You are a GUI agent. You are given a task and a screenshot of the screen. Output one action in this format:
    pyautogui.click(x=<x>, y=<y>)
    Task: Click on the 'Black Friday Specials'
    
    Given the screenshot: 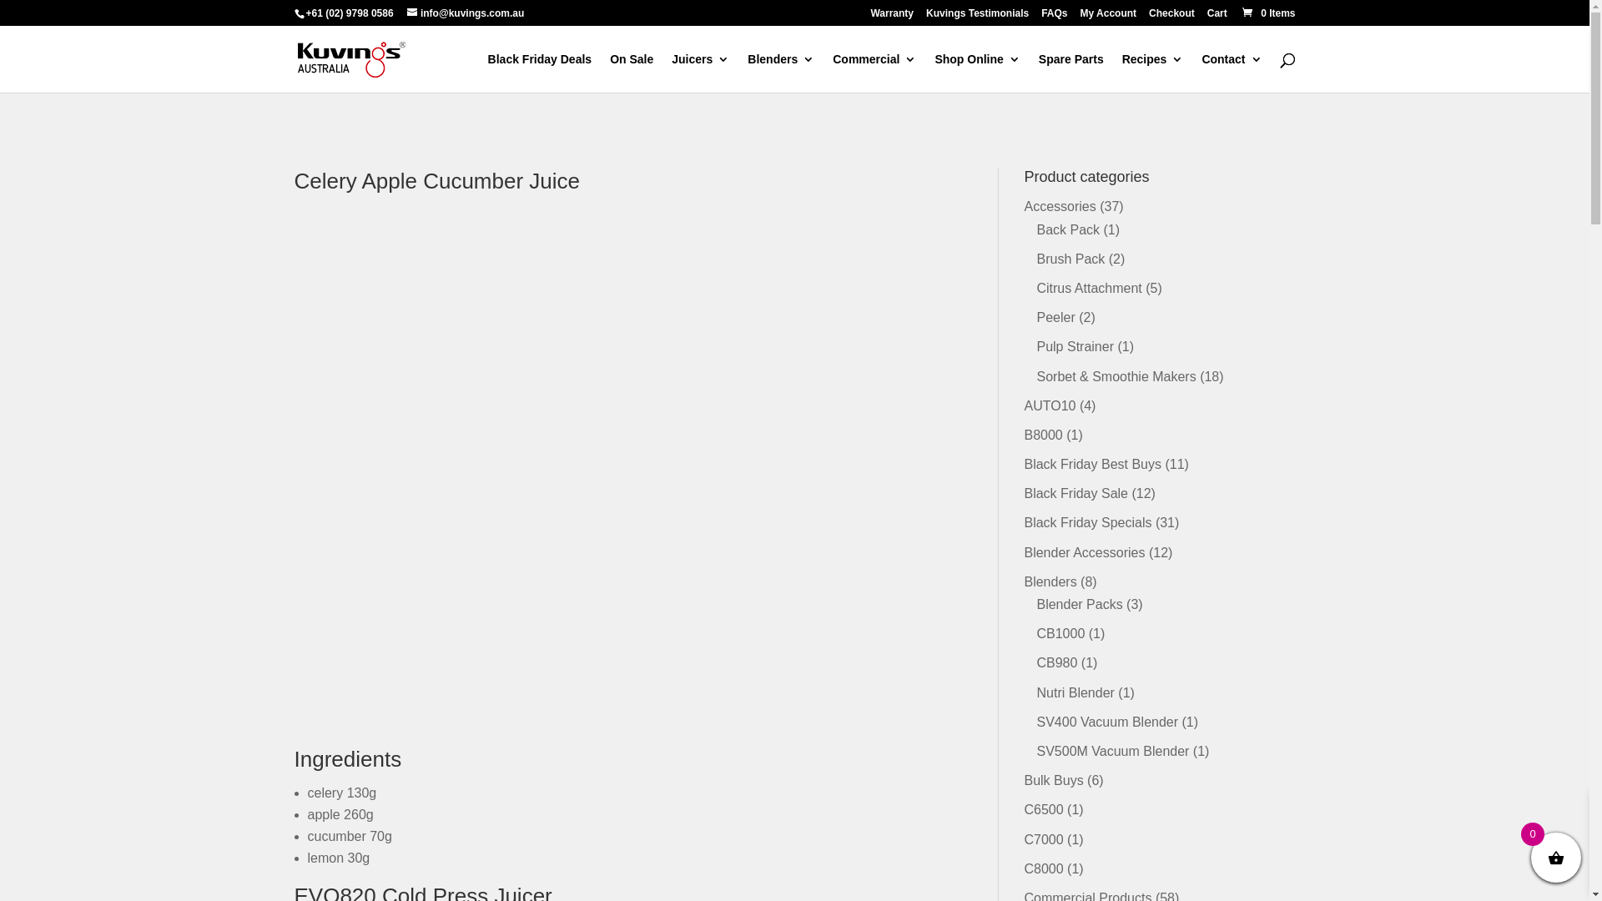 What is the action you would take?
    pyautogui.click(x=1087, y=521)
    